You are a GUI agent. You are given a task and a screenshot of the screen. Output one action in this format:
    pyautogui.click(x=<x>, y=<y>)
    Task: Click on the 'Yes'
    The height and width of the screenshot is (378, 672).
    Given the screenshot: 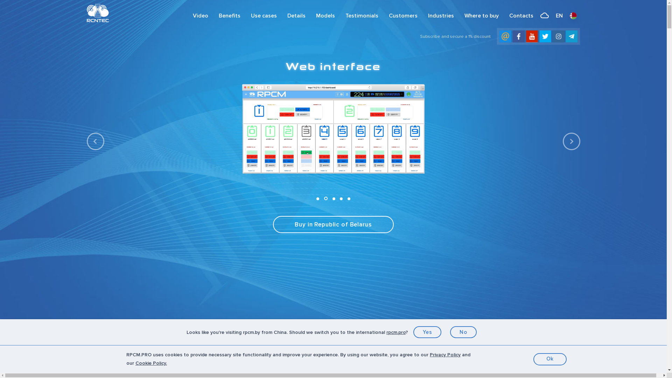 What is the action you would take?
    pyautogui.click(x=427, y=331)
    